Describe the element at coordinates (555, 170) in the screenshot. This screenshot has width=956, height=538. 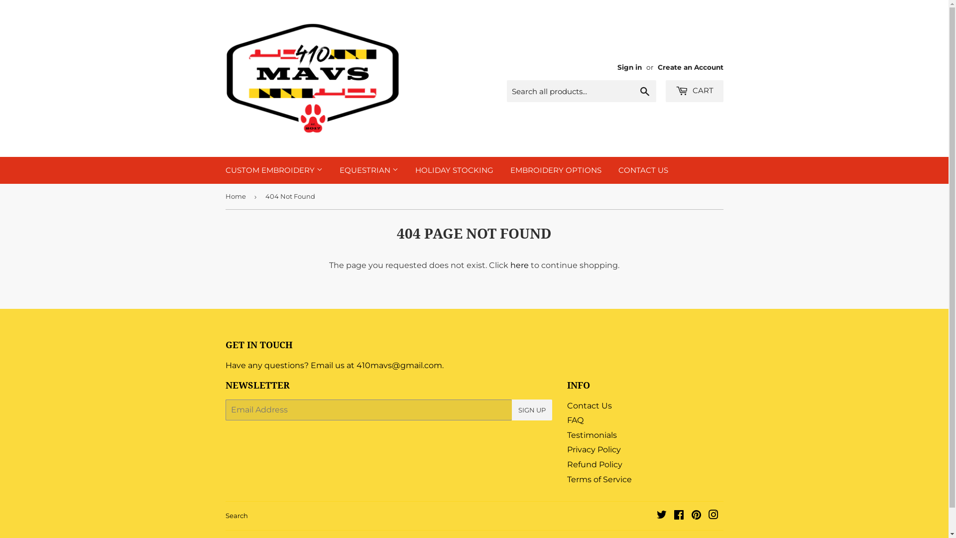
I see `'EMBROIDERY OPTIONS'` at that location.